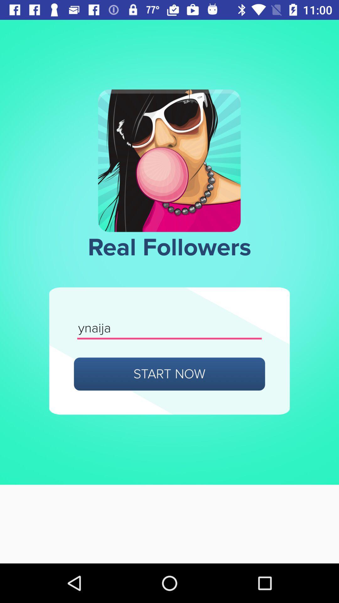 This screenshot has width=339, height=603. What do you see at coordinates (169, 328) in the screenshot?
I see `icon below the real followers` at bounding box center [169, 328].